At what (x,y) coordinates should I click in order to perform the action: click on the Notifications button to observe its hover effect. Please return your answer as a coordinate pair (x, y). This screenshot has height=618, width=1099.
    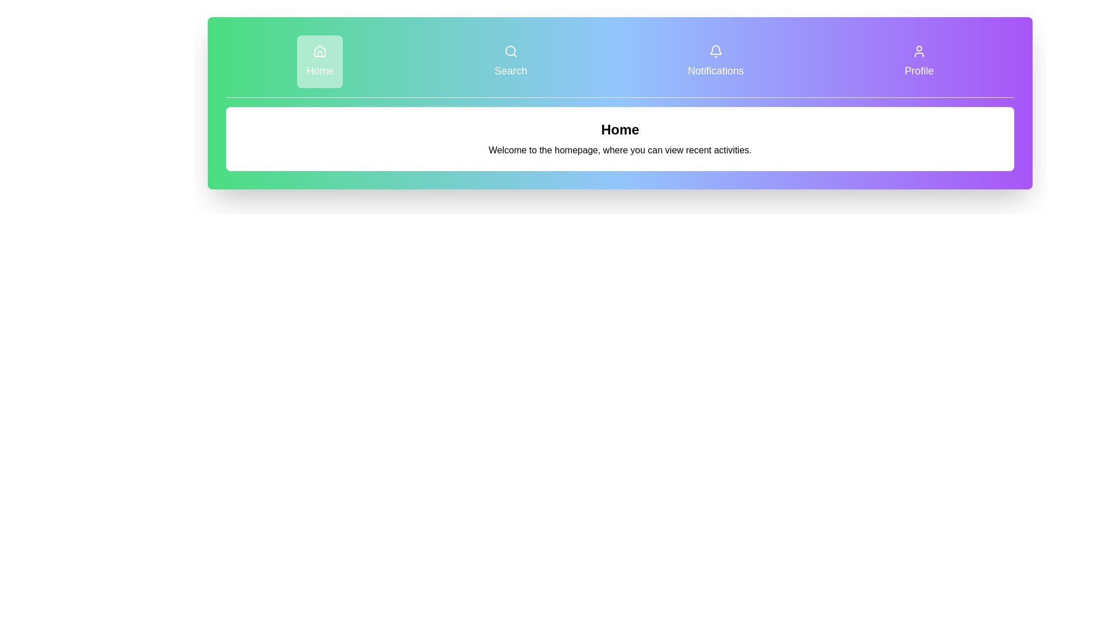
    Looking at the image, I should click on (715, 62).